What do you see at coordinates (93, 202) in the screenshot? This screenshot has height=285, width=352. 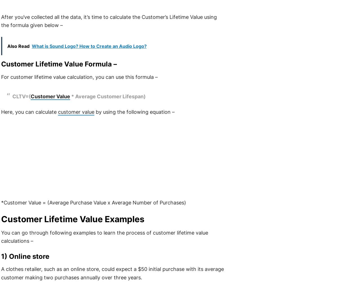 I see `'*Customer Value = (Average Purchase Value x Average Number of Purchases)'` at bounding box center [93, 202].